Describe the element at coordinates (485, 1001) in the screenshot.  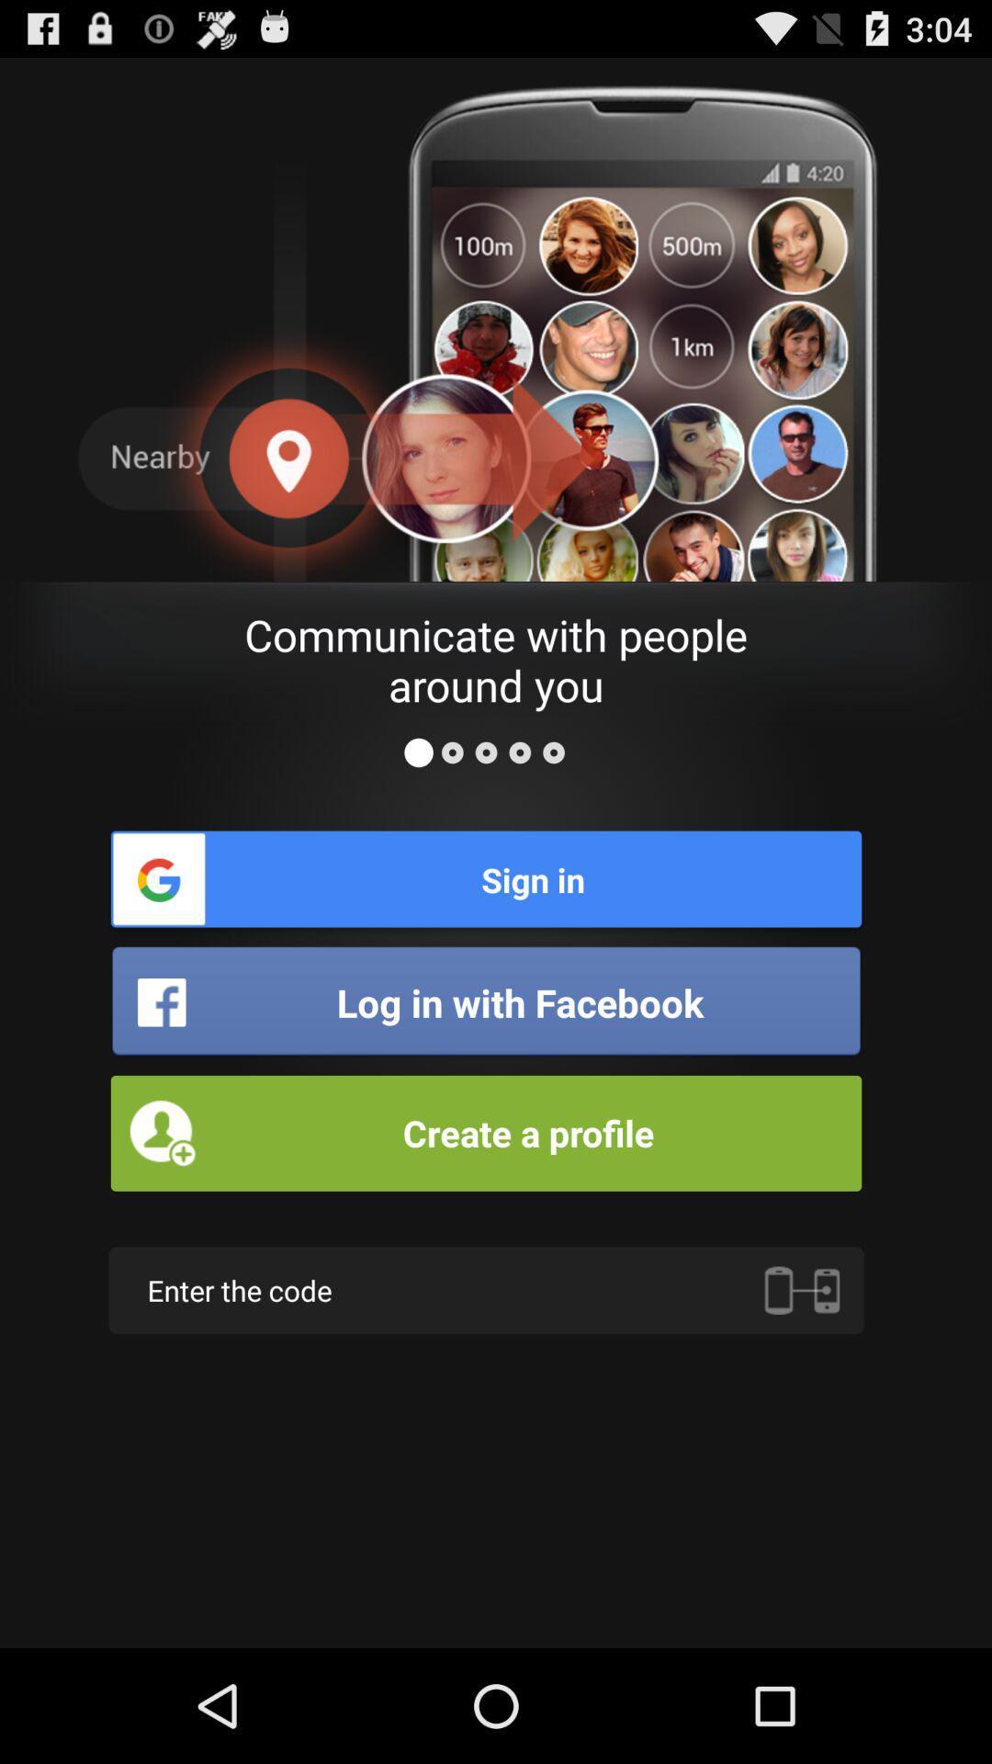
I see `item above the create a profile button` at that location.